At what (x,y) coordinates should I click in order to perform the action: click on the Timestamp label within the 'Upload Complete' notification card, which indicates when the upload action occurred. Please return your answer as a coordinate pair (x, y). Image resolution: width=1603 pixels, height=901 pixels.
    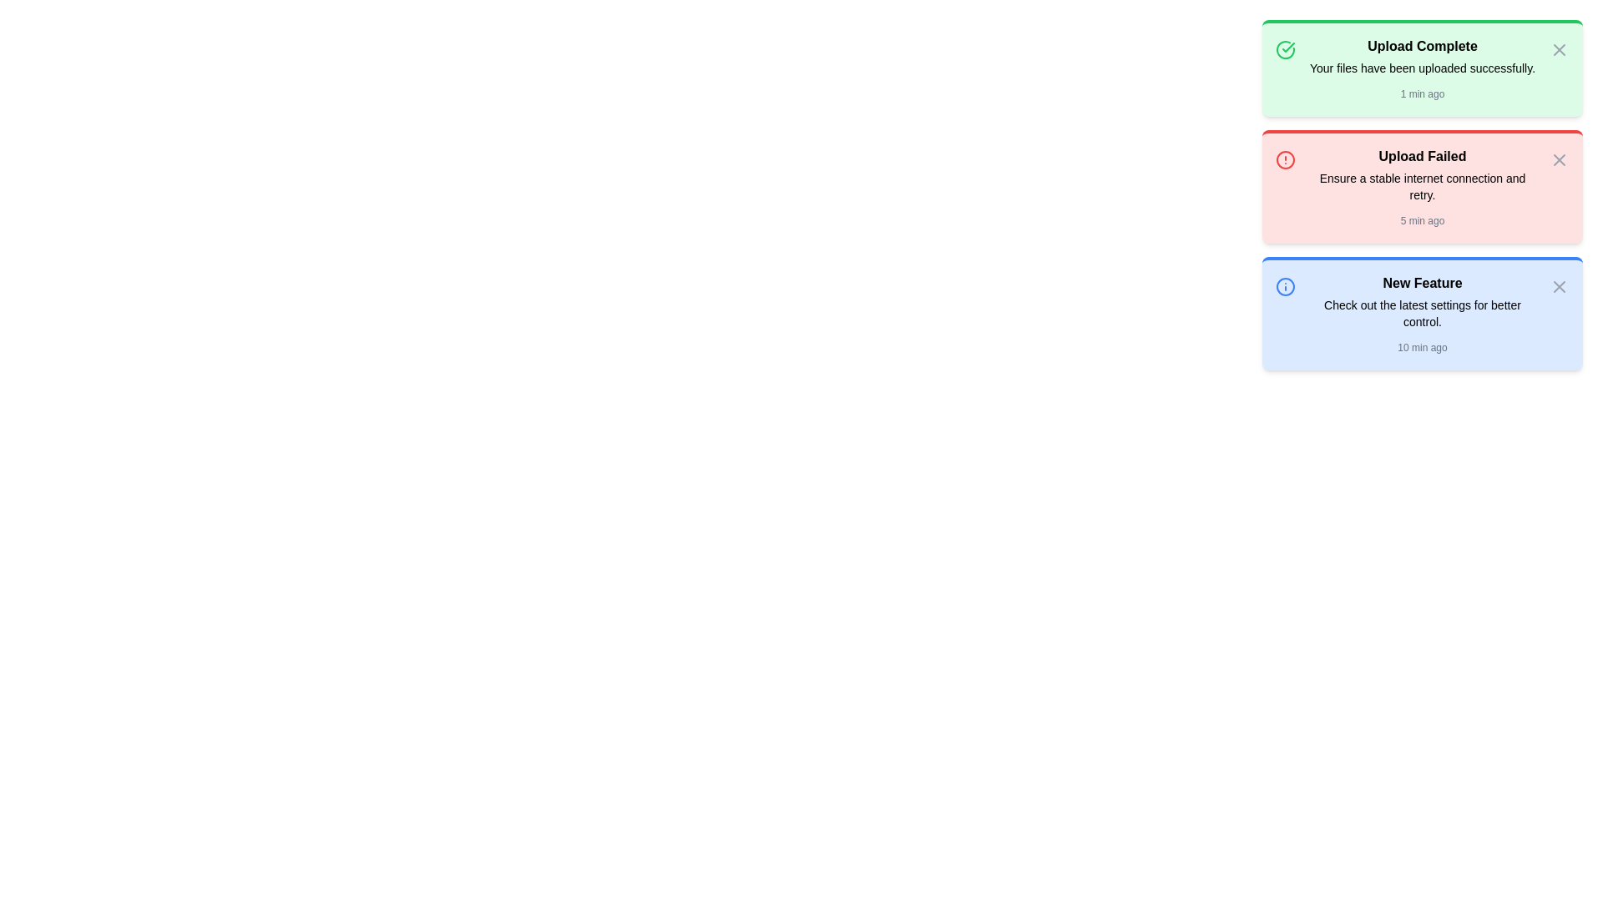
    Looking at the image, I should click on (1422, 93).